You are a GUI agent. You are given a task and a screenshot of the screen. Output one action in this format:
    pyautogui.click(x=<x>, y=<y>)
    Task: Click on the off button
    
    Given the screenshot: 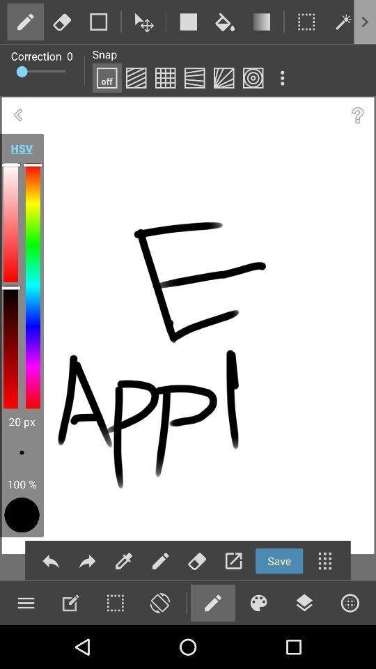 What is the action you would take?
    pyautogui.click(x=106, y=78)
    